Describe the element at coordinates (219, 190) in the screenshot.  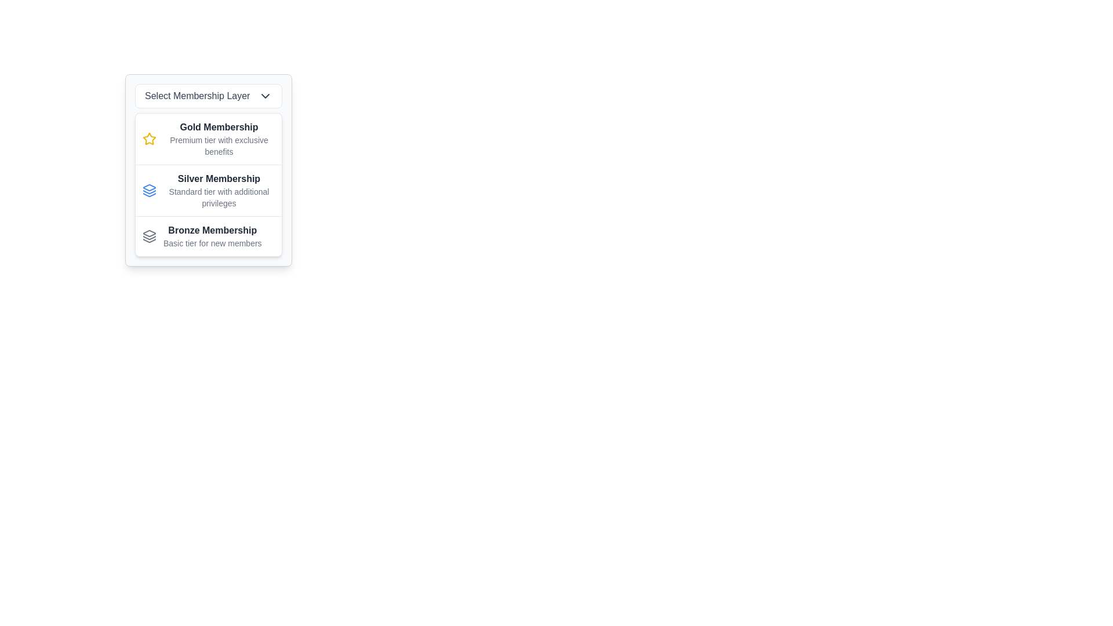
I see `the 'Silver Membership' option in the dropdown menu, which is the second option in the list between 'Gold Membership' and 'Bronze Membership'` at that location.